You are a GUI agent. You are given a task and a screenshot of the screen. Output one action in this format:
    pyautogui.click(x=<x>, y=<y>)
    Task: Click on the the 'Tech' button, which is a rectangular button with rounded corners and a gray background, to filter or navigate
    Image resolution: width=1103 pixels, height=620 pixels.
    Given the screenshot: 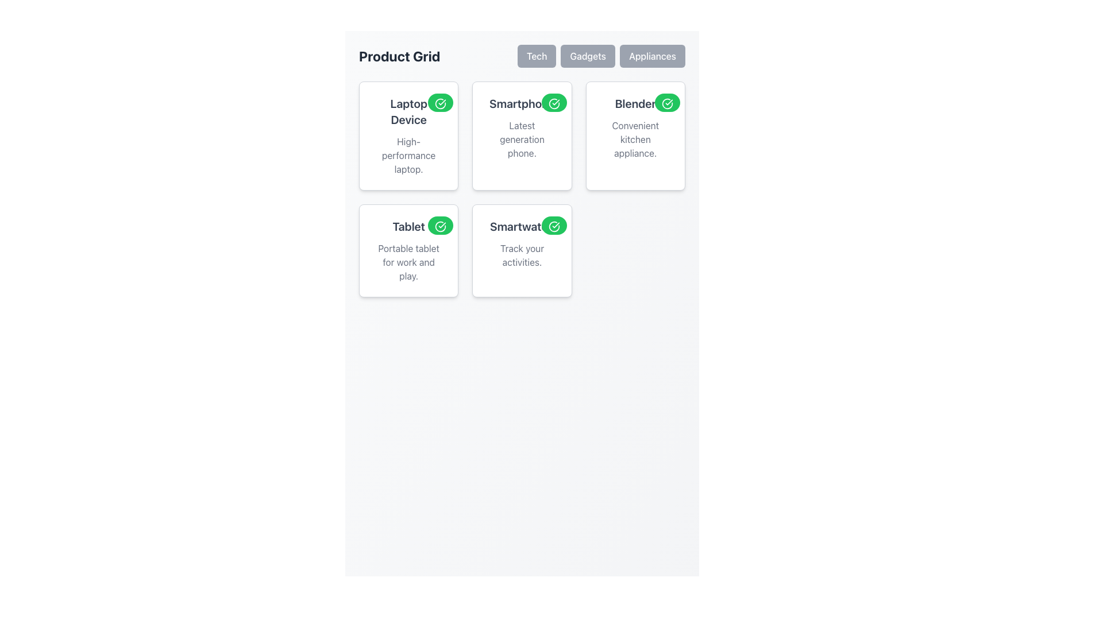 What is the action you would take?
    pyautogui.click(x=536, y=56)
    